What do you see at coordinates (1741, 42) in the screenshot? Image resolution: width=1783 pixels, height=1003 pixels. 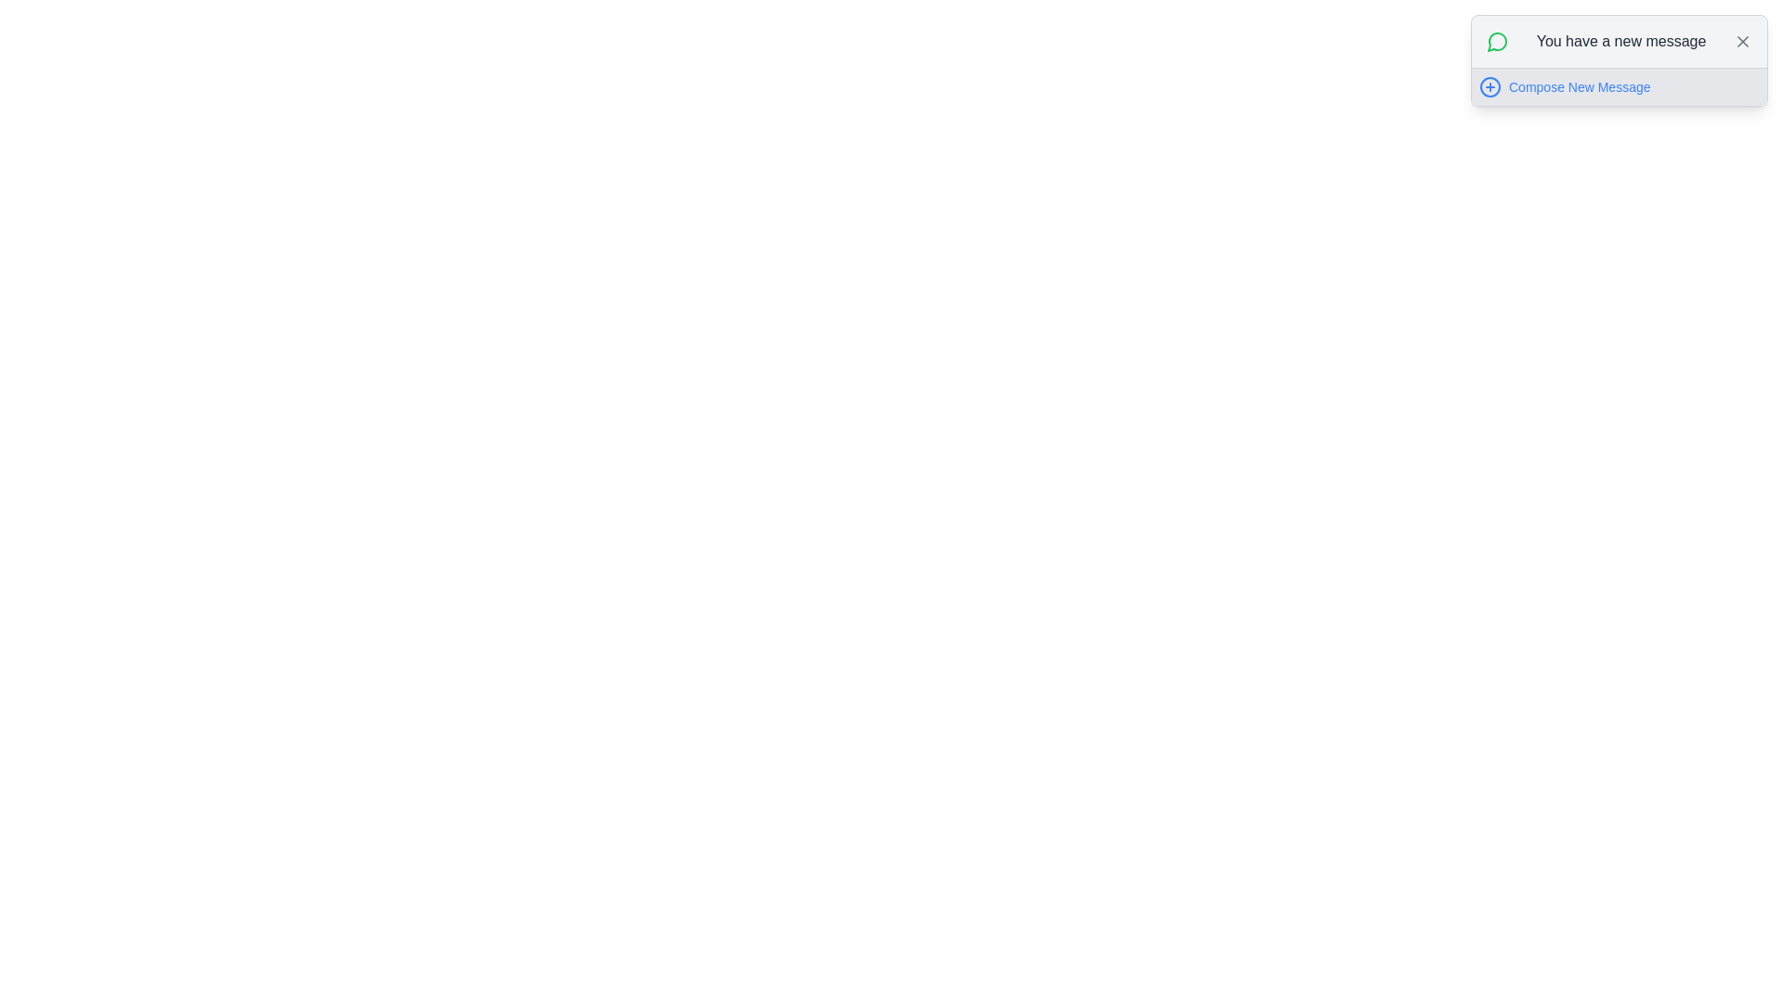 I see `the gray 'X' button located at the top-right corner of the notification box titled 'You have a new message' to change its color` at bounding box center [1741, 42].